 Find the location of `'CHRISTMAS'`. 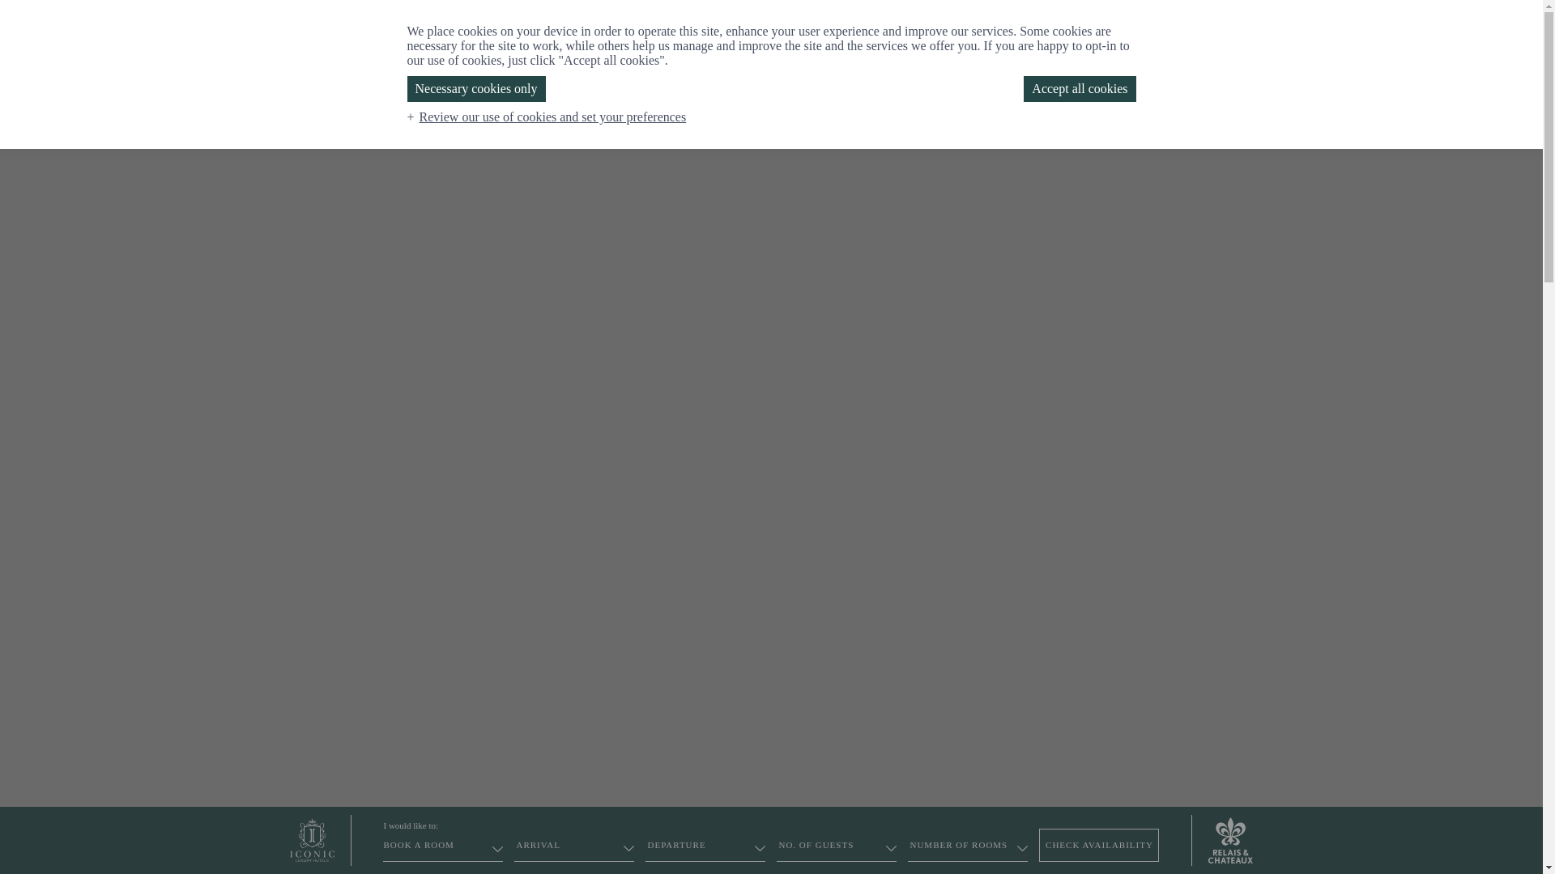

'CHRISTMAS' is located at coordinates (777, 117).